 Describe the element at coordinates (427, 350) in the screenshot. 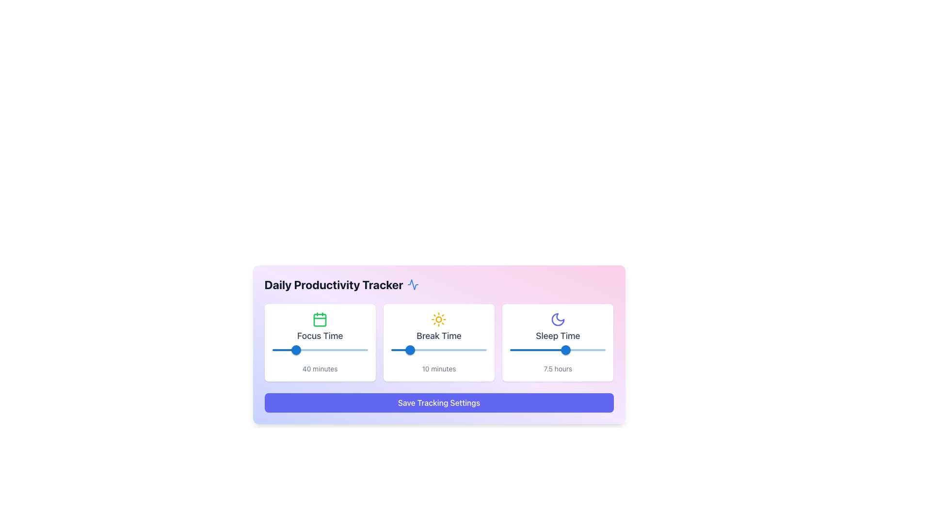

I see `break time` at that location.